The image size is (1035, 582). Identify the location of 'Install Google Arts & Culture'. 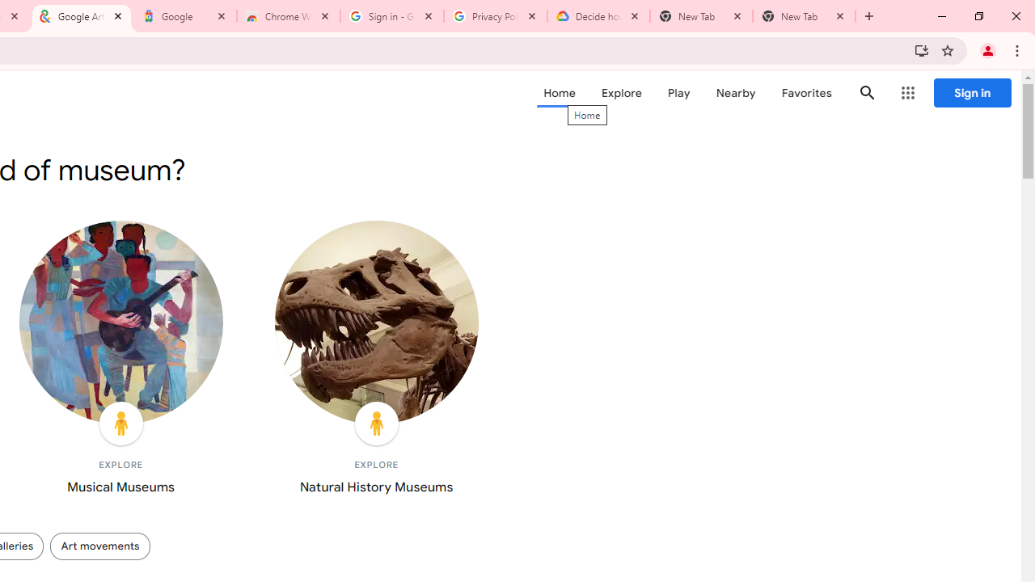
(921, 49).